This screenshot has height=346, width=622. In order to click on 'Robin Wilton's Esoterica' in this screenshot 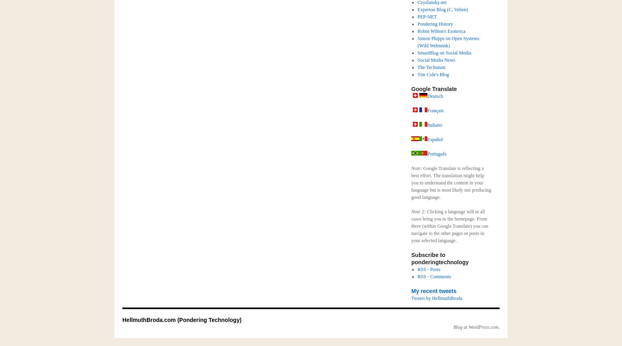, I will do `click(441, 31)`.